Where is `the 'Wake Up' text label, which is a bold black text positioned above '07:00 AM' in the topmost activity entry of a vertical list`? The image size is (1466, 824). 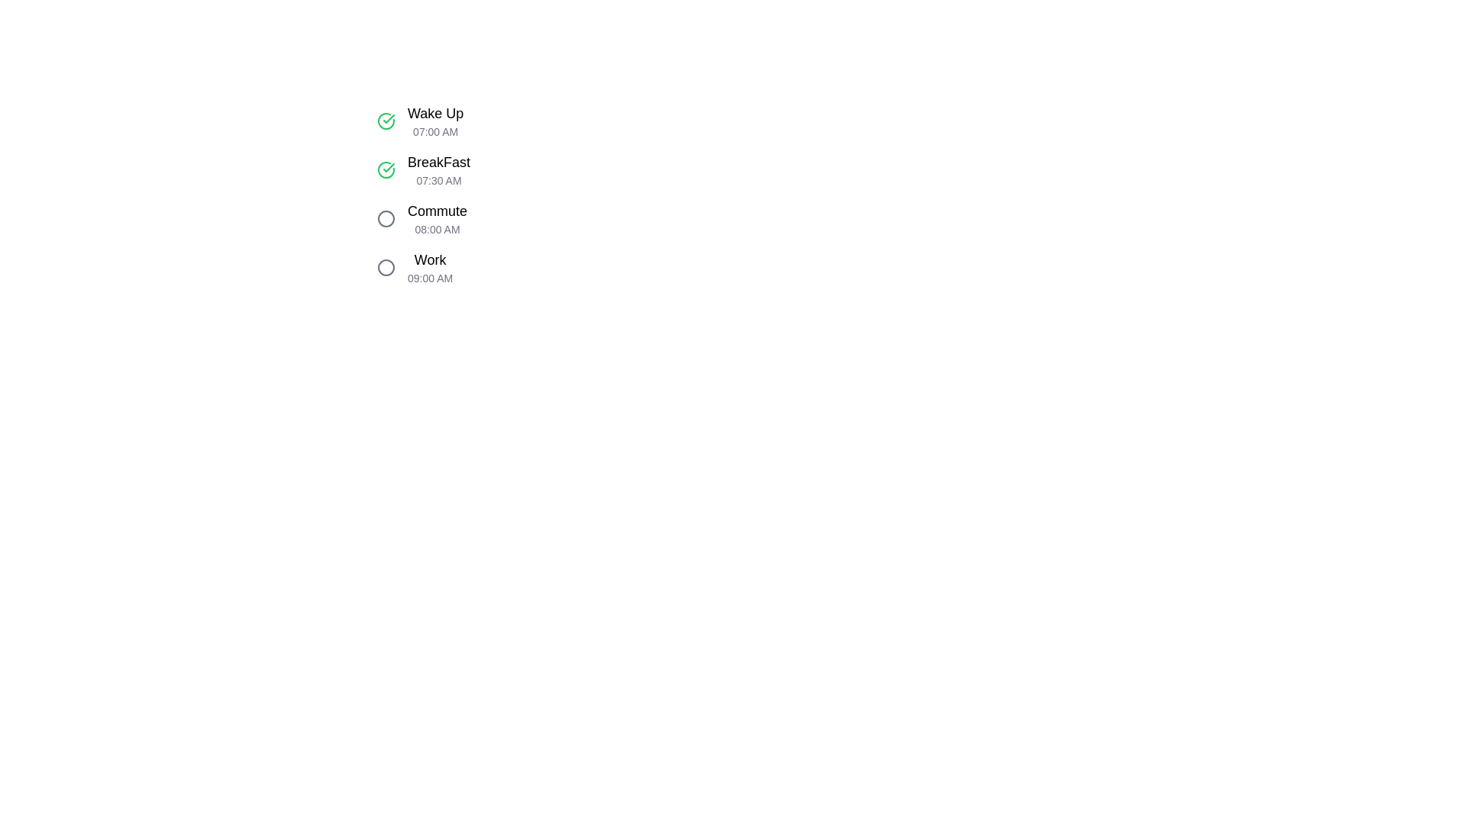
the 'Wake Up' text label, which is a bold black text positioned above '07:00 AM' in the topmost activity entry of a vertical list is located at coordinates (434, 113).